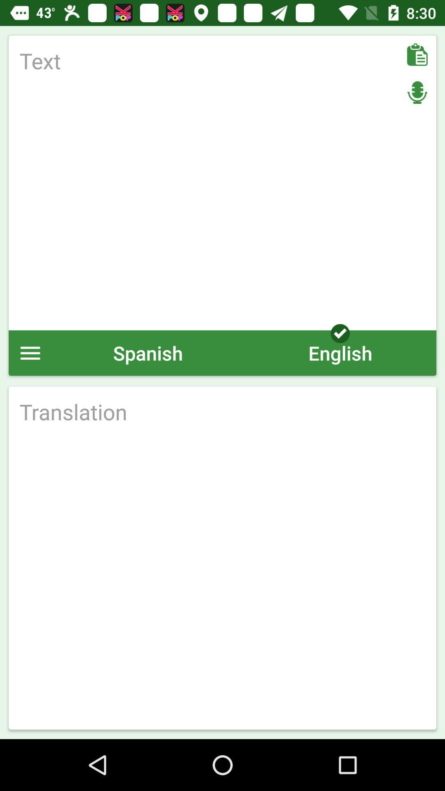  I want to click on see menu, so click(30, 353).